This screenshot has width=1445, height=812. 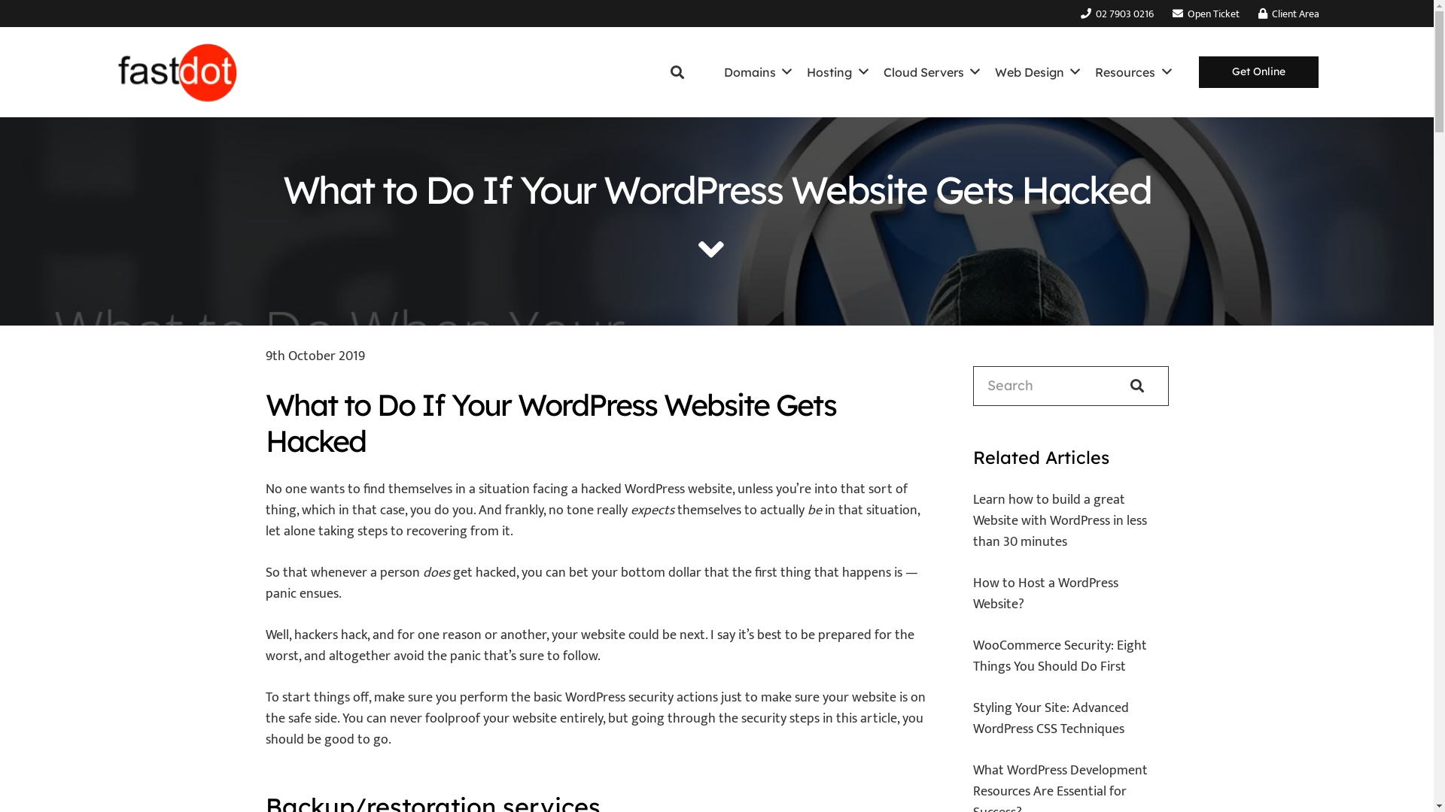 What do you see at coordinates (836, 72) in the screenshot?
I see `'Hosting'` at bounding box center [836, 72].